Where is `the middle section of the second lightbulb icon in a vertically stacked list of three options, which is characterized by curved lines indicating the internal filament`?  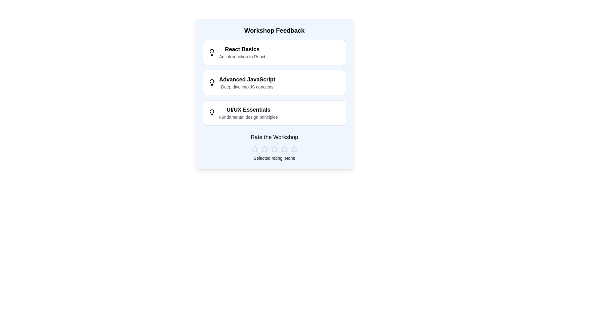 the middle section of the second lightbulb icon in a vertically stacked list of three options, which is characterized by curved lines indicating the internal filament is located at coordinates (212, 81).